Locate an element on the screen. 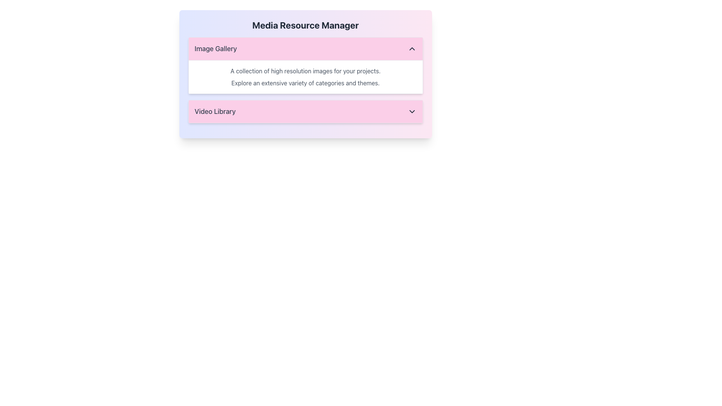  text from the 'Video Library' label, which is displayed in gray font on a light pink background, located towards the middle section of the interface is located at coordinates (215, 112).